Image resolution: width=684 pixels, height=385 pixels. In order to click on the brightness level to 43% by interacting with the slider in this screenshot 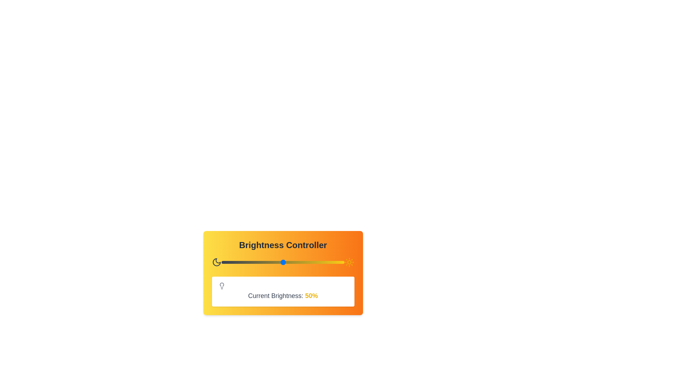, I will do `click(274, 262)`.